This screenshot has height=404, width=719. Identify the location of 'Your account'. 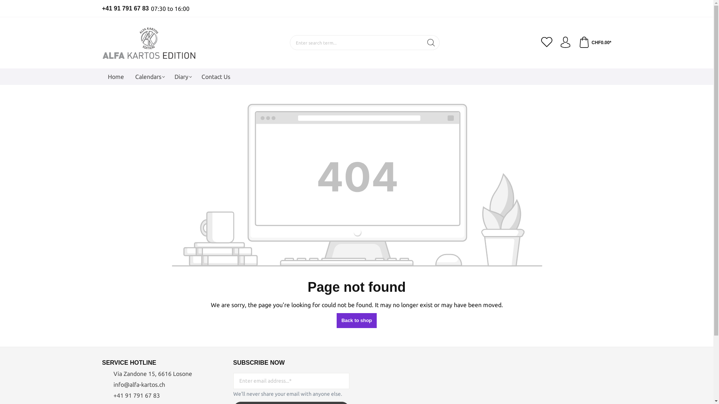
(565, 43).